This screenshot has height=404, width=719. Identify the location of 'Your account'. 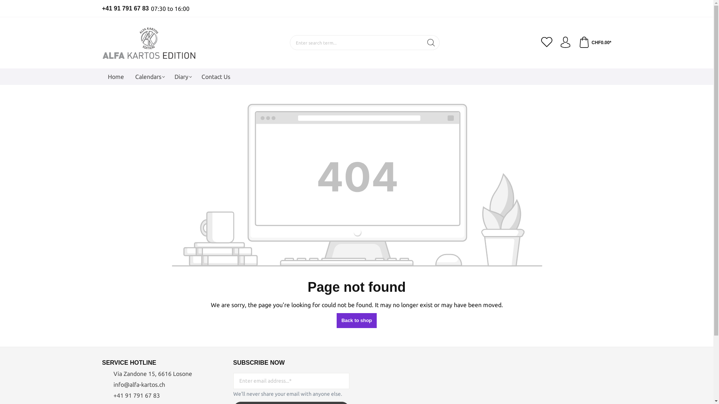
(565, 43).